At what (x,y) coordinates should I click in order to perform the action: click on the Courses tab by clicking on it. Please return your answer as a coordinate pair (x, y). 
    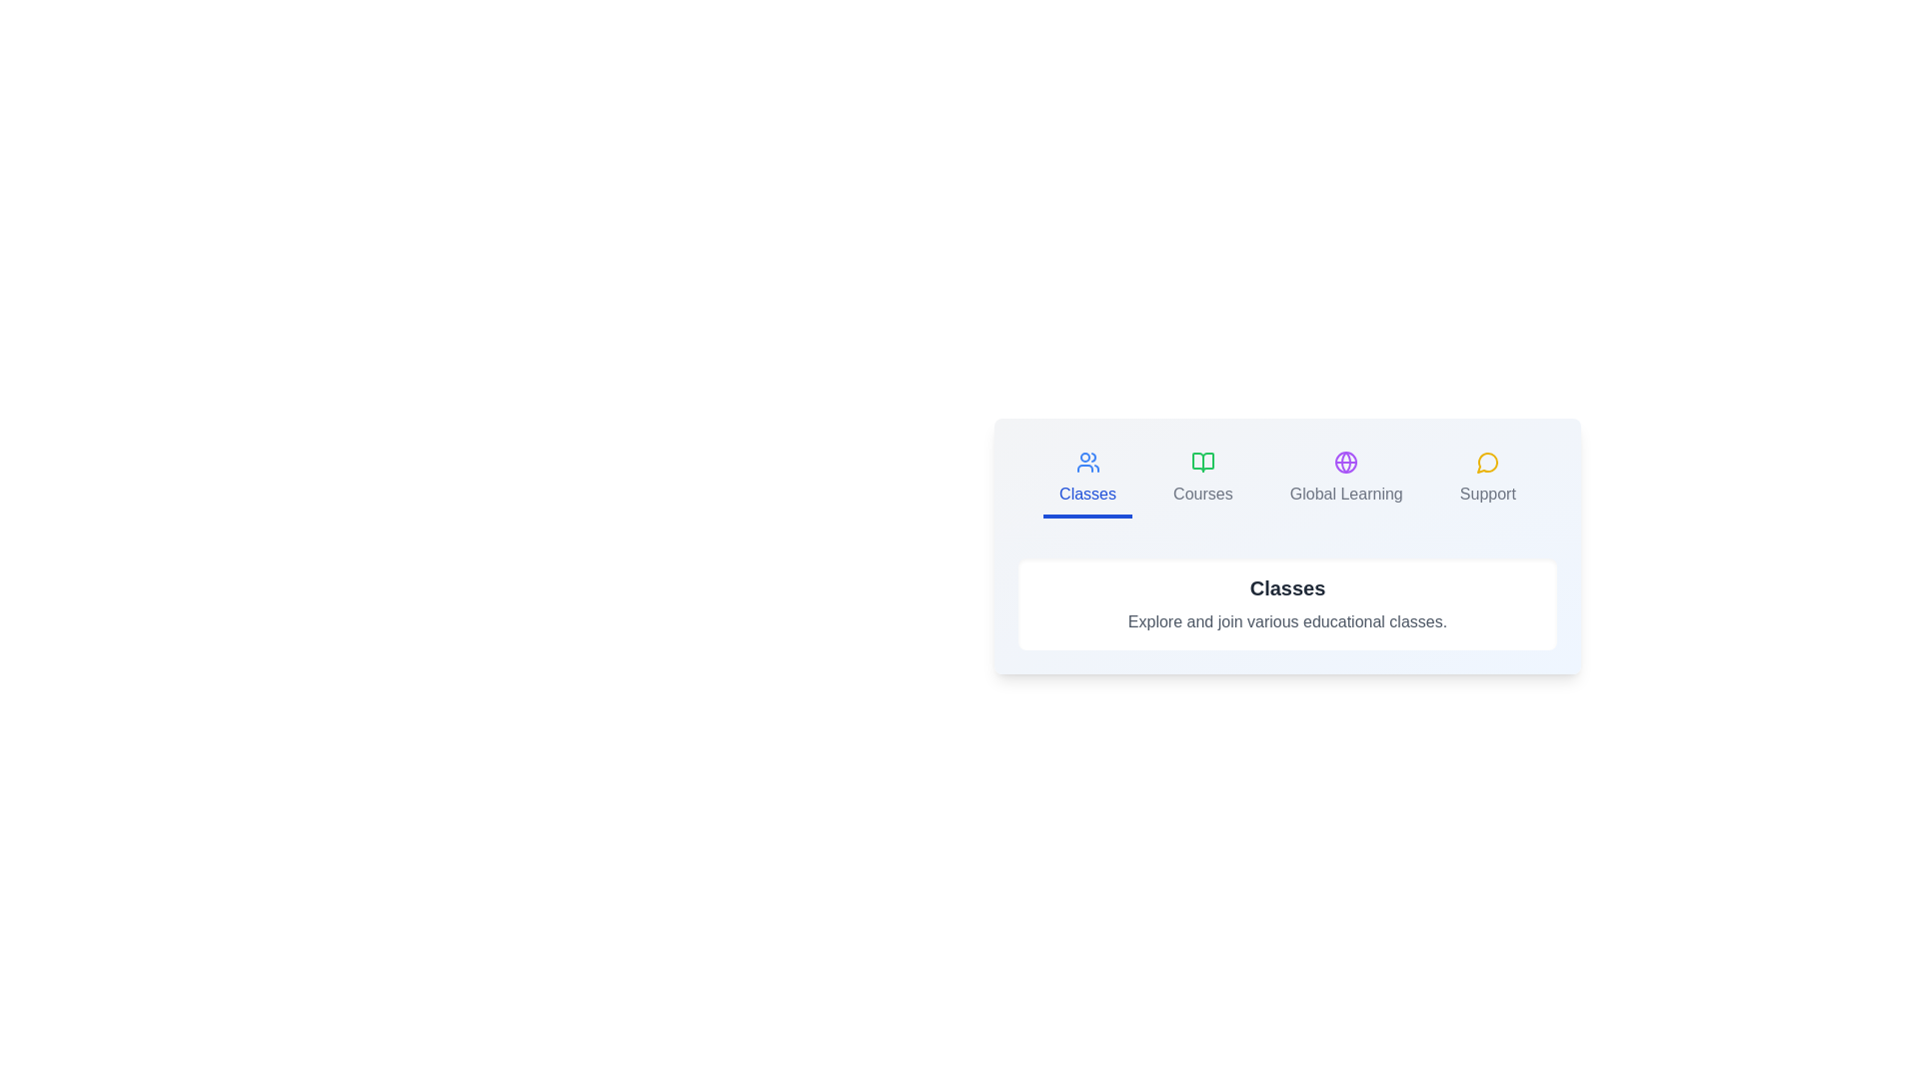
    Looking at the image, I should click on (1201, 481).